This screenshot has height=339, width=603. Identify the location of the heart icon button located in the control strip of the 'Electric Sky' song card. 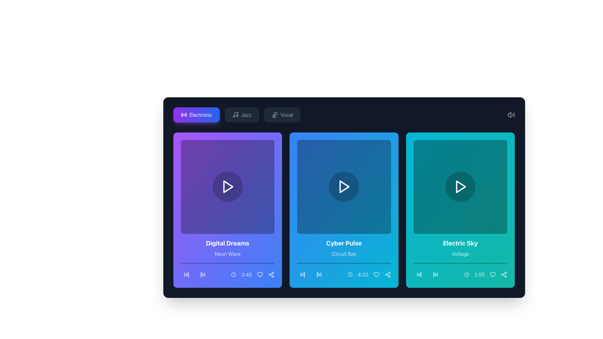
(492, 274).